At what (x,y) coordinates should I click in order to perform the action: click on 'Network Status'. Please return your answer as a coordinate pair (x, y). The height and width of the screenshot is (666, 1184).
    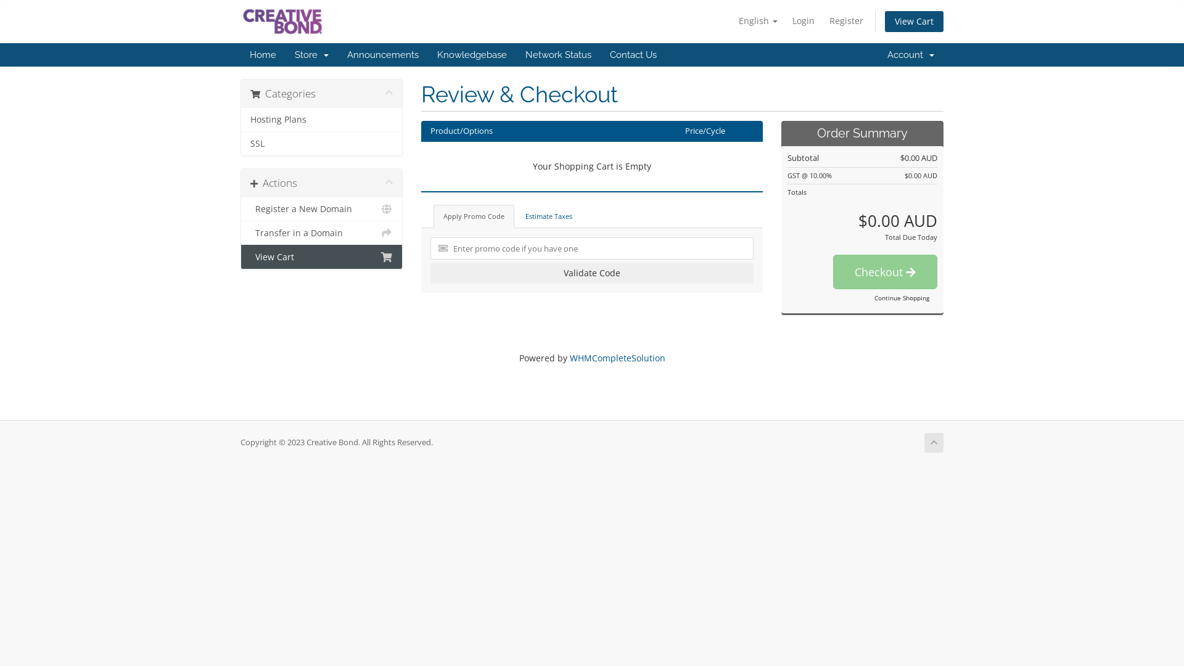
    Looking at the image, I should click on (557, 54).